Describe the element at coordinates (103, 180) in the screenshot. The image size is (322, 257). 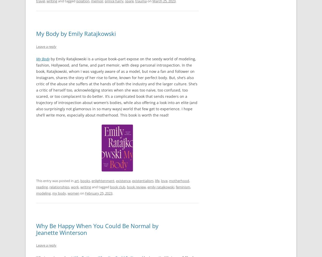
I see `'enlightenment'` at that location.